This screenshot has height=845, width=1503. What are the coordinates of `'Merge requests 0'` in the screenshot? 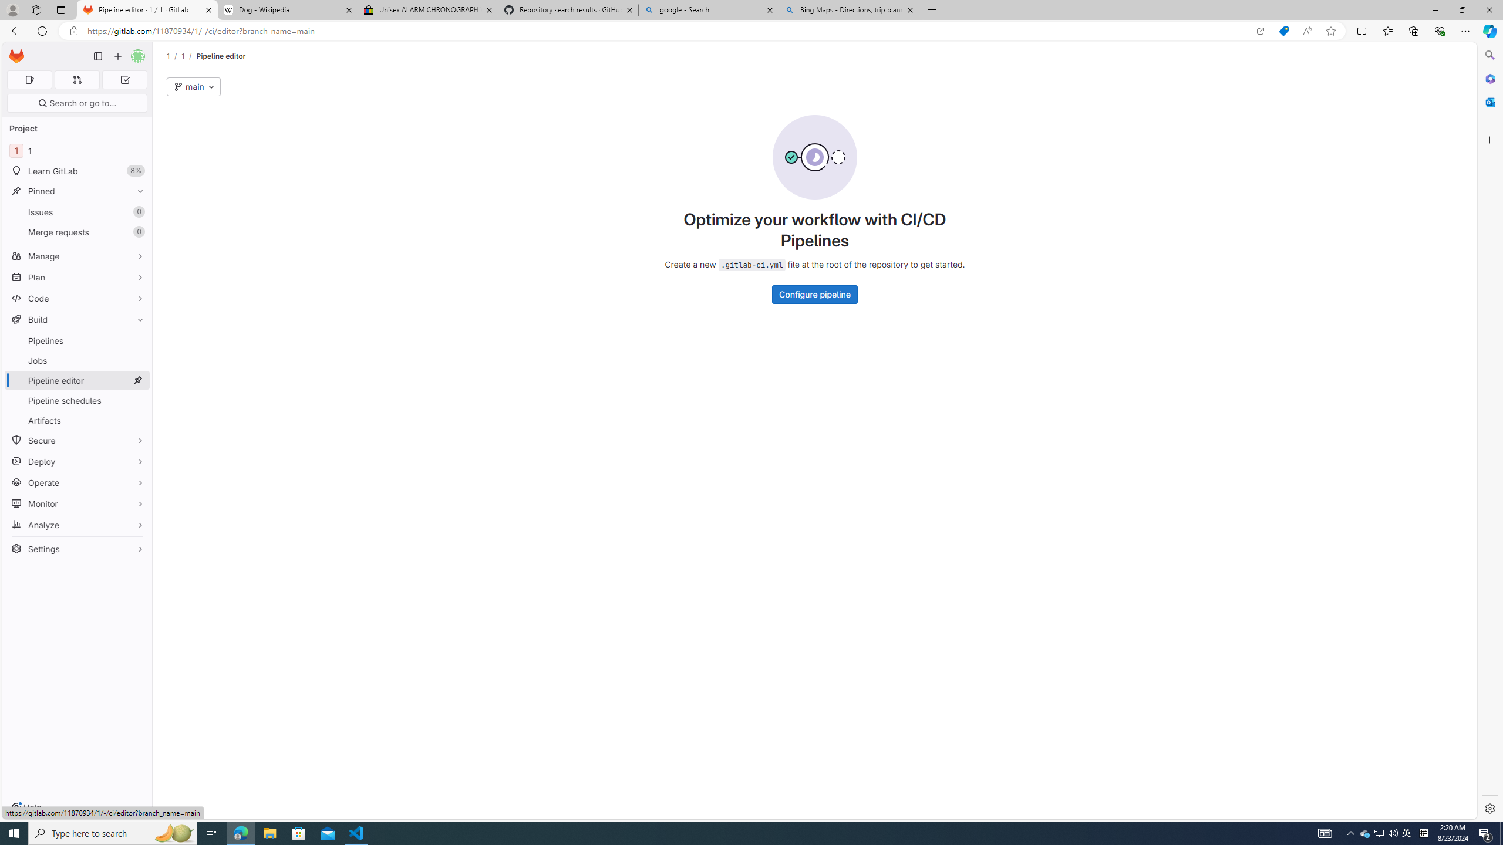 It's located at (76, 231).